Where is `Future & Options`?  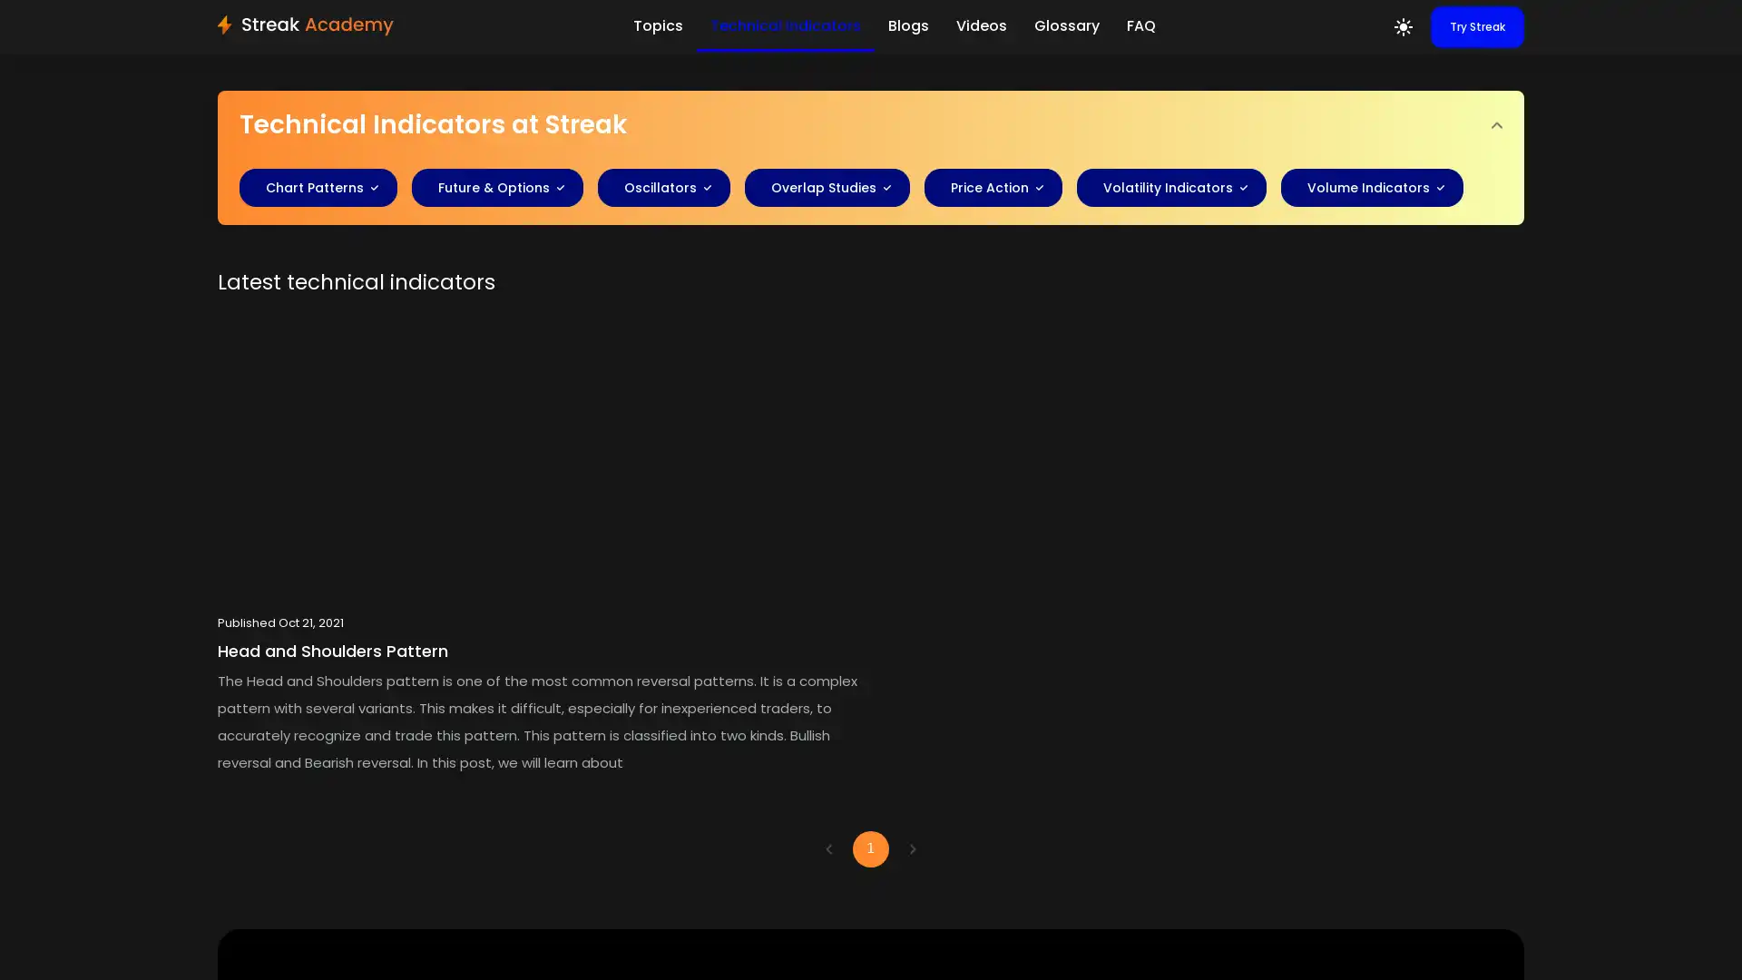
Future & Options is located at coordinates (491, 188).